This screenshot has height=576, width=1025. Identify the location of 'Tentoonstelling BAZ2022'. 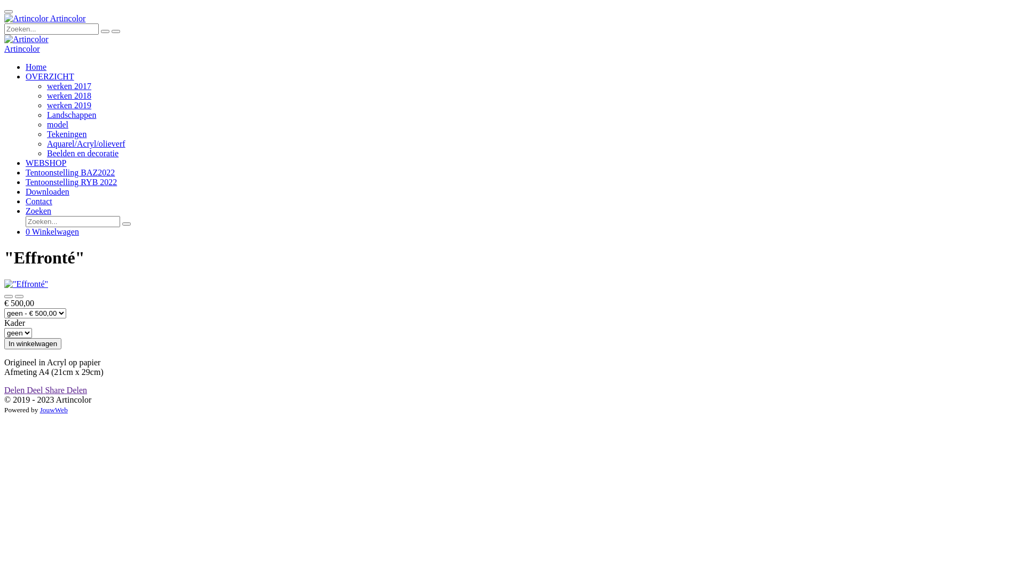
(69, 172).